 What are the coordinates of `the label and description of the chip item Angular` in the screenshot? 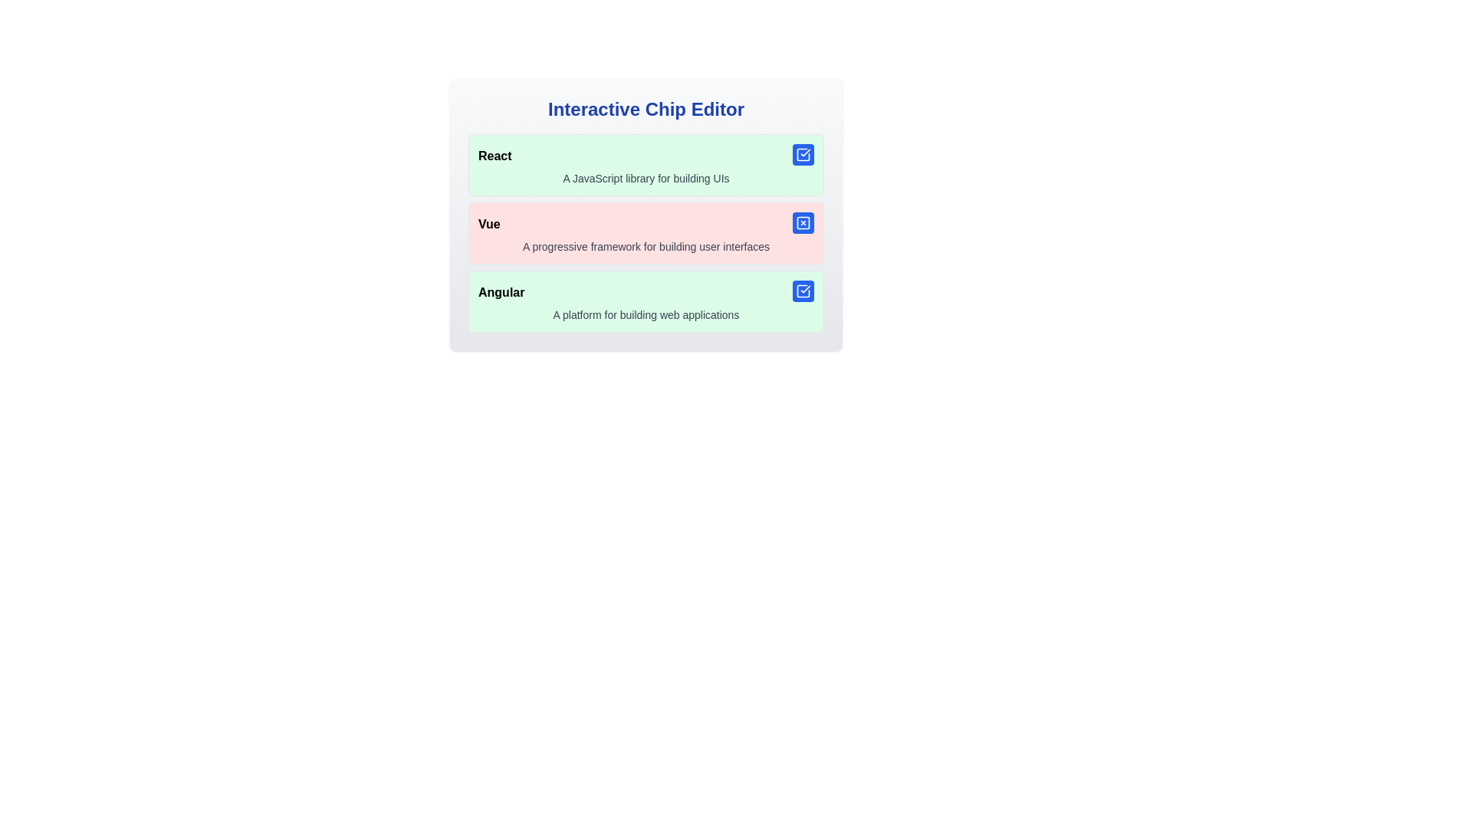 It's located at (646, 301).